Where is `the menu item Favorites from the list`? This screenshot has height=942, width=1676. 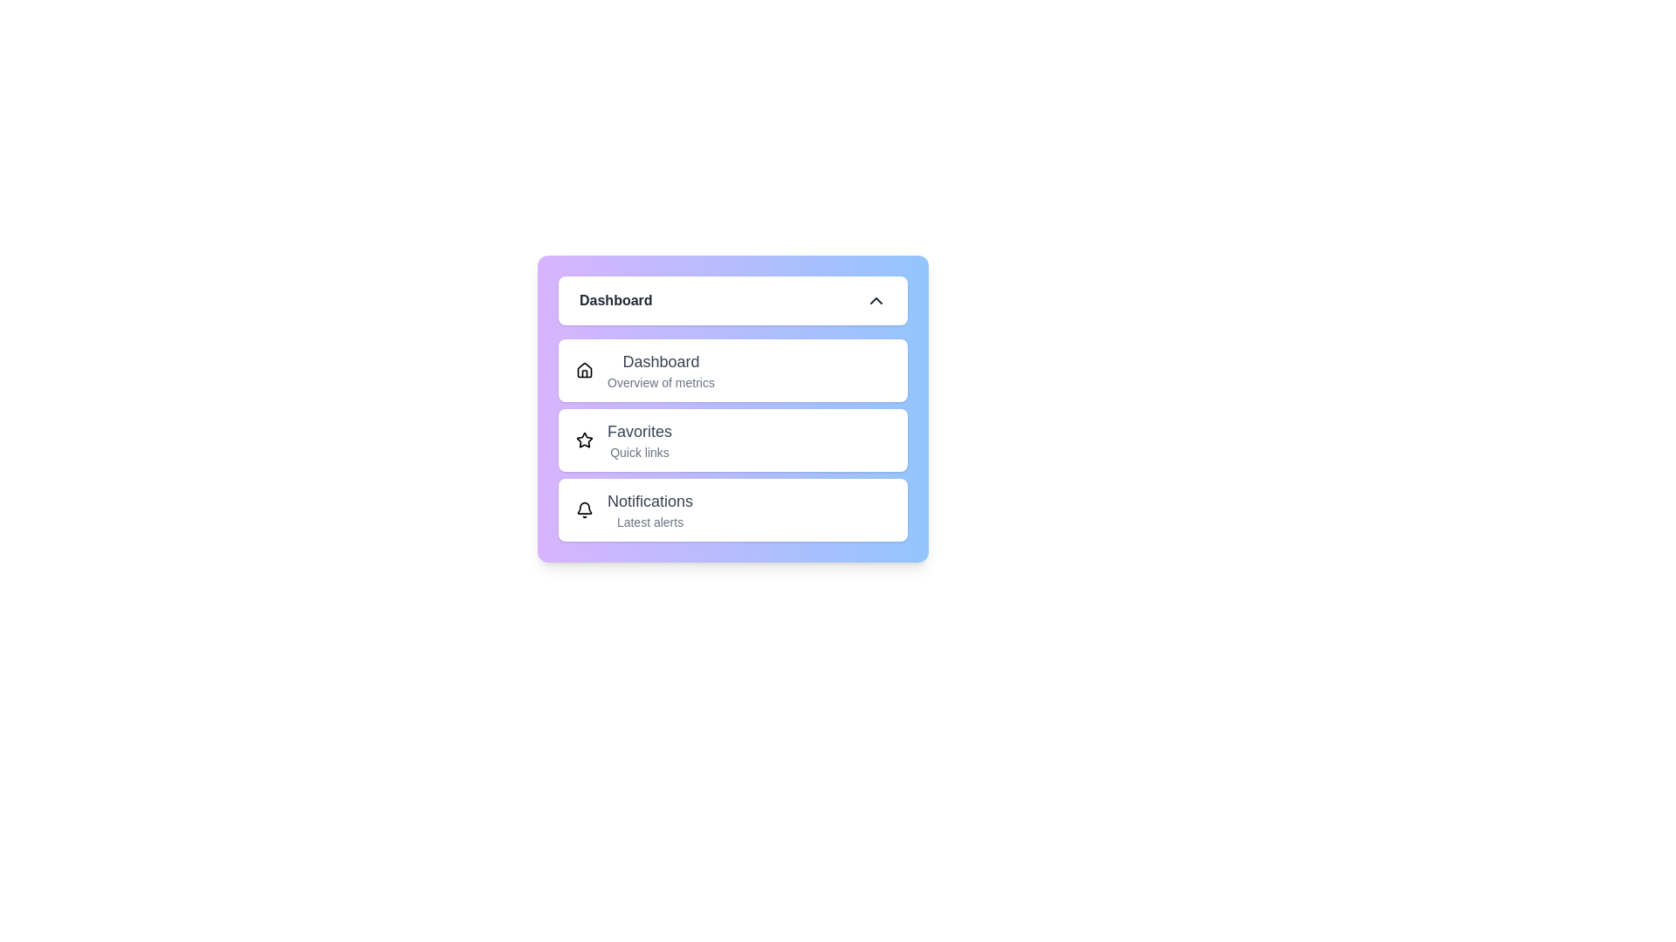 the menu item Favorites from the list is located at coordinates (733, 440).